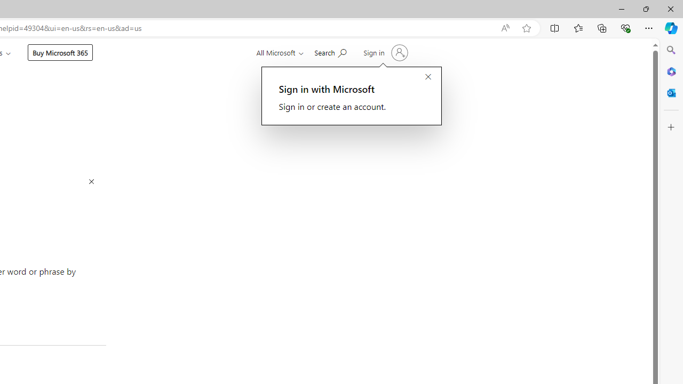 This screenshot has width=683, height=384. I want to click on 'Browser essentials', so click(625, 27).